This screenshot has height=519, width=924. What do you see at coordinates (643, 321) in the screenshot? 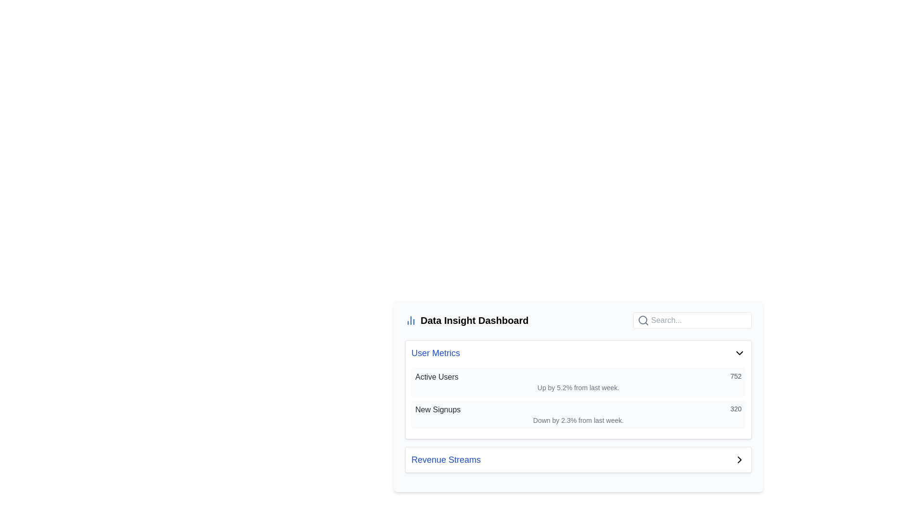
I see `the search icon located at the top-right of the dashboard, which indicates the search feature adjacent to the text input field` at bounding box center [643, 321].